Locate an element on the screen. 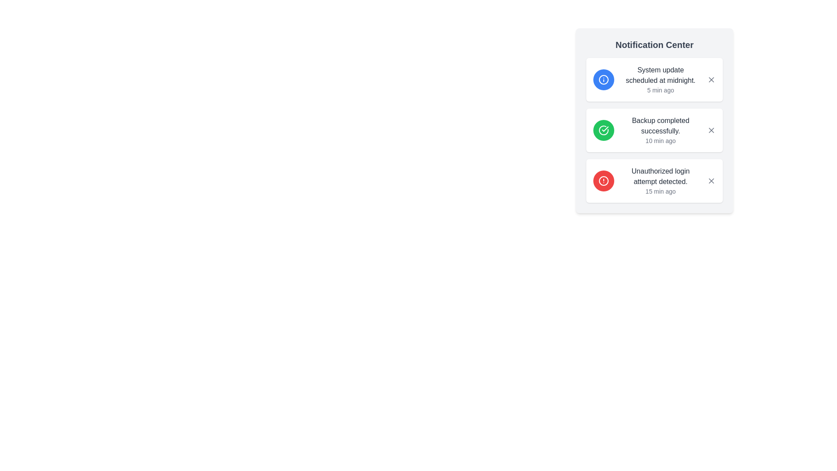 This screenshot has width=837, height=471. the close icon element, which resembles a diagonal cross and is located in the last notification entry of the 'Notification Center' panel is located at coordinates (711, 181).